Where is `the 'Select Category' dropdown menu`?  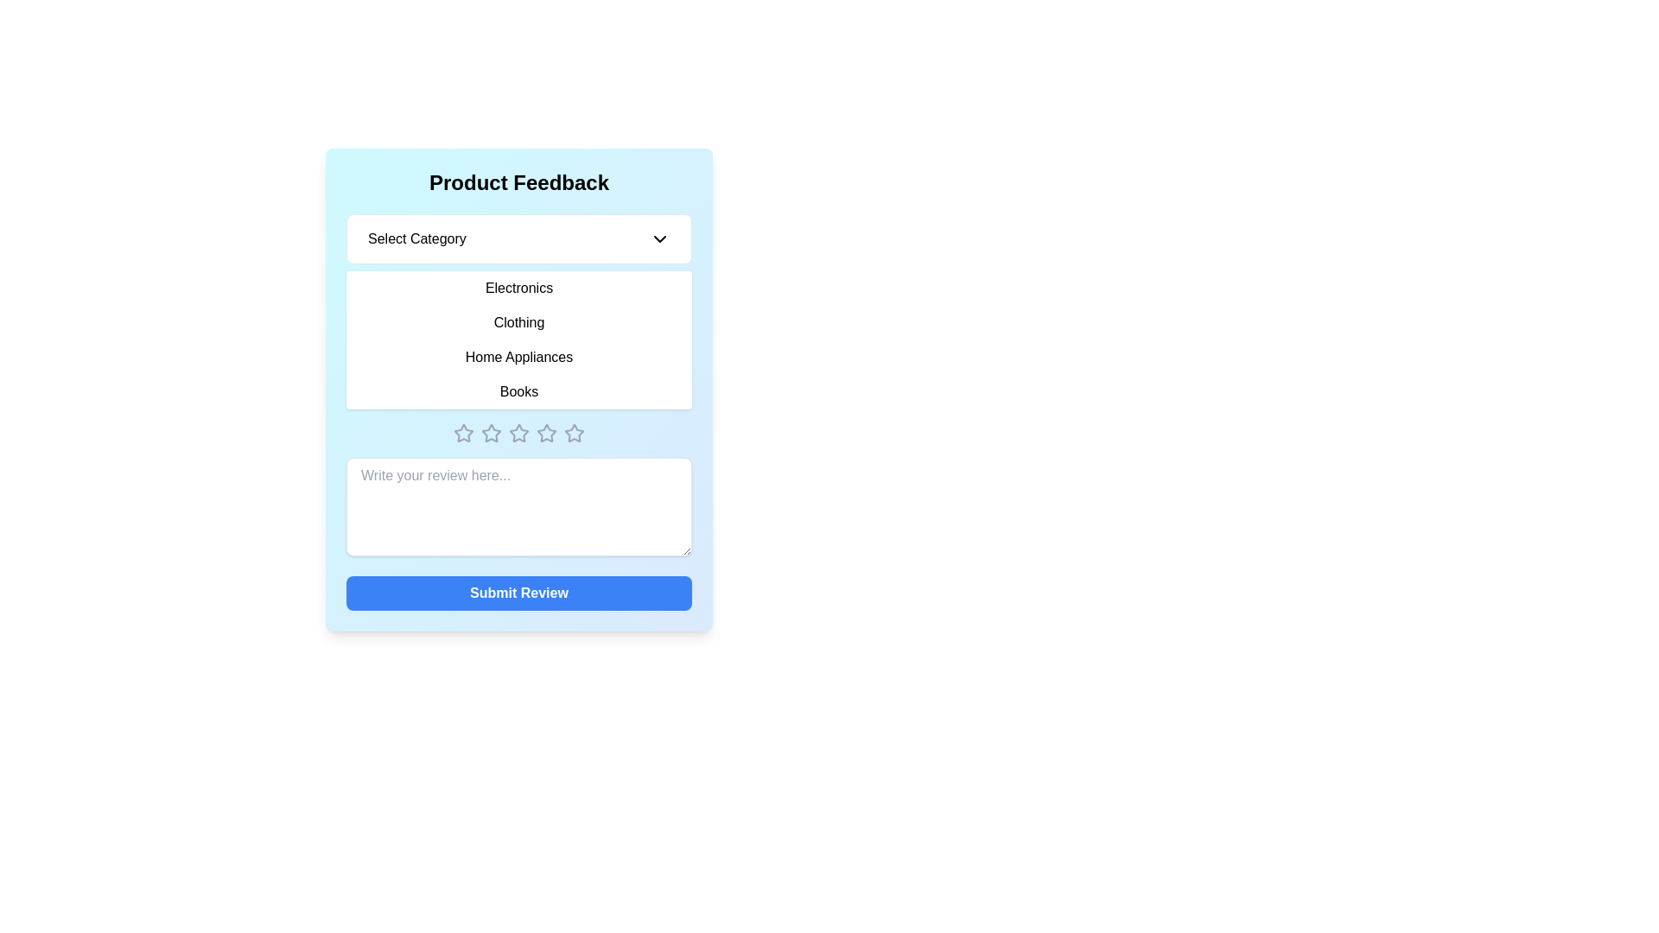
the 'Select Category' dropdown menu is located at coordinates (518, 312).